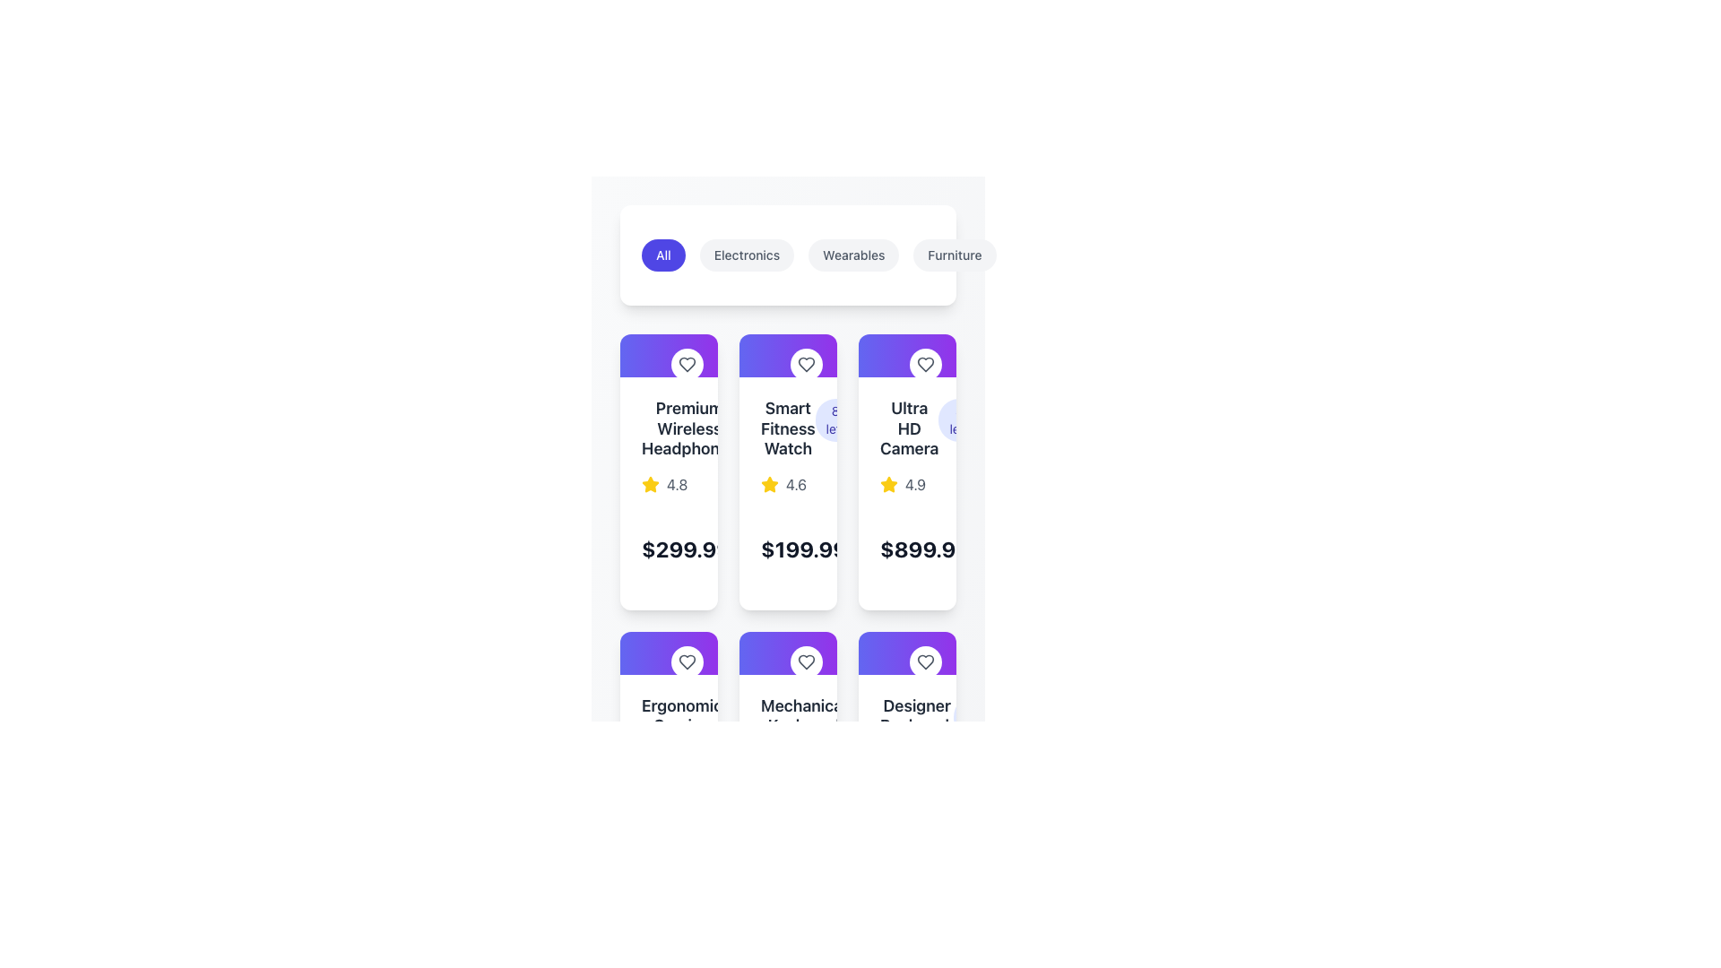  I want to click on the star icon representing a high rating for an item, located to the left of the '4.6' rating text in a grid layout, so click(770, 484).